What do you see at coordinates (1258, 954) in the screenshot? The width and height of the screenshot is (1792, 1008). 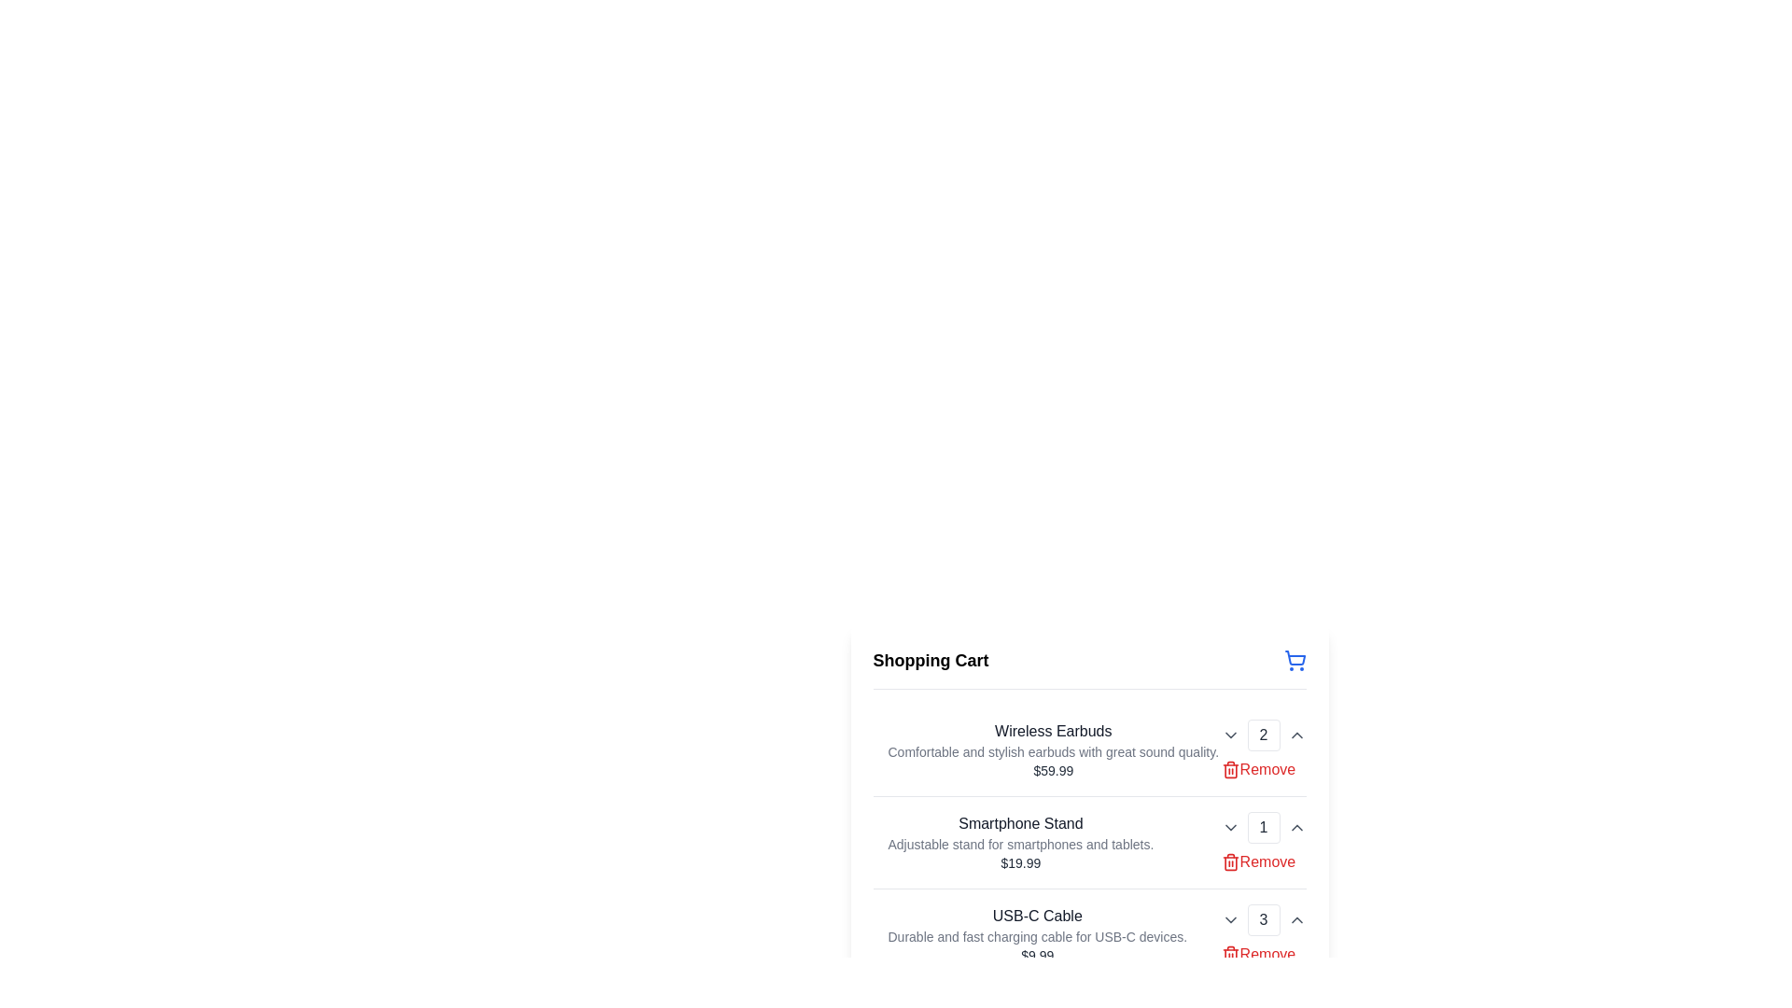 I see `the remove button for the 'USB-C Cable' product located in the bottom-right corner of its product row` at bounding box center [1258, 954].